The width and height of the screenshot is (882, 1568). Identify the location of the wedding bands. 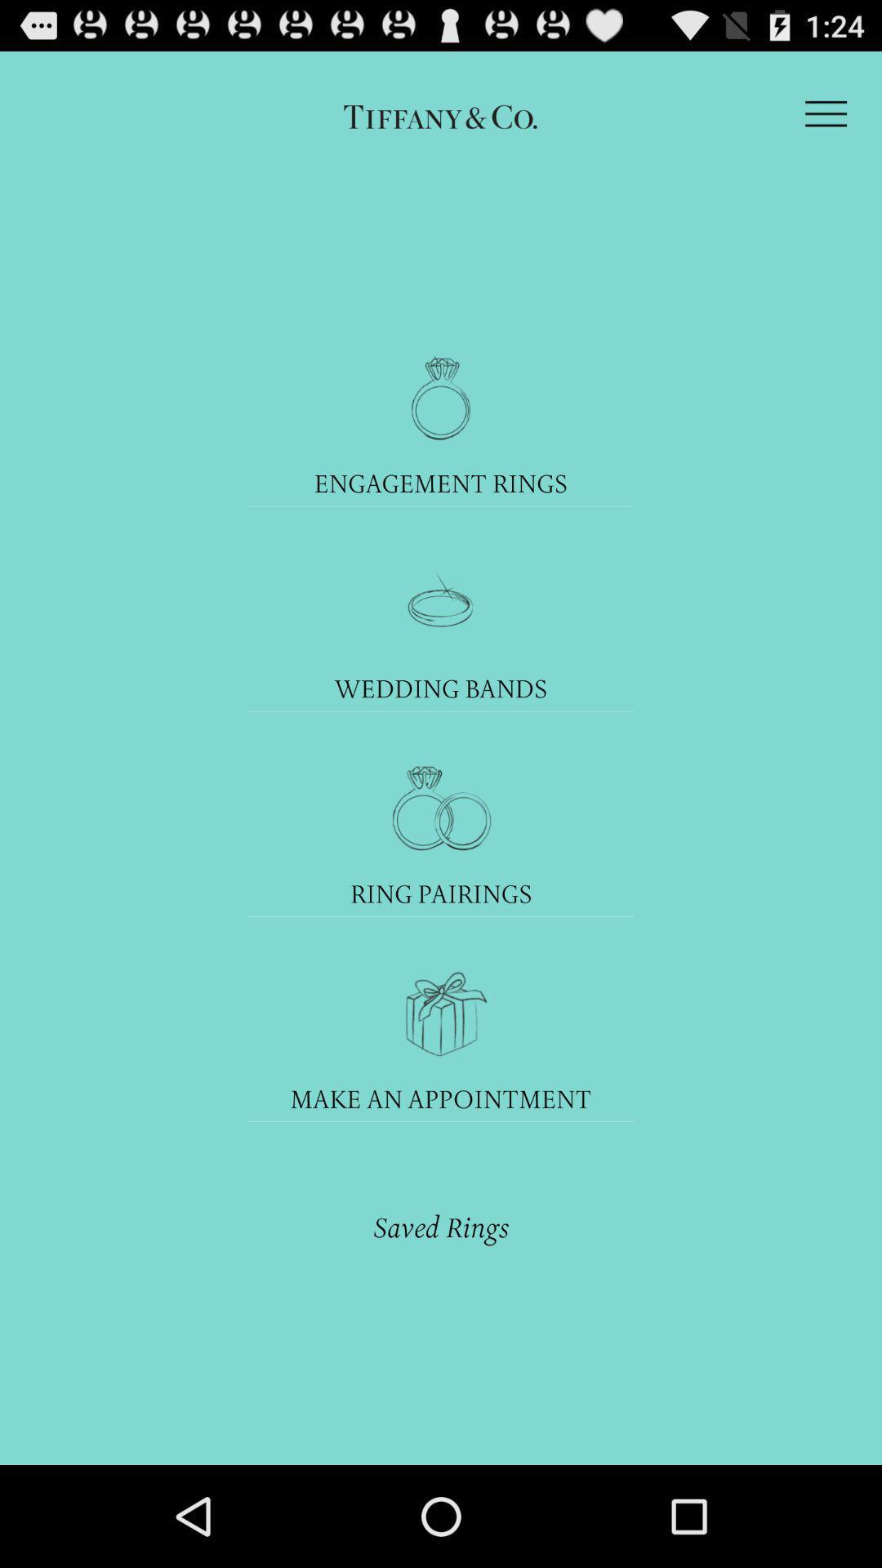
(441, 688).